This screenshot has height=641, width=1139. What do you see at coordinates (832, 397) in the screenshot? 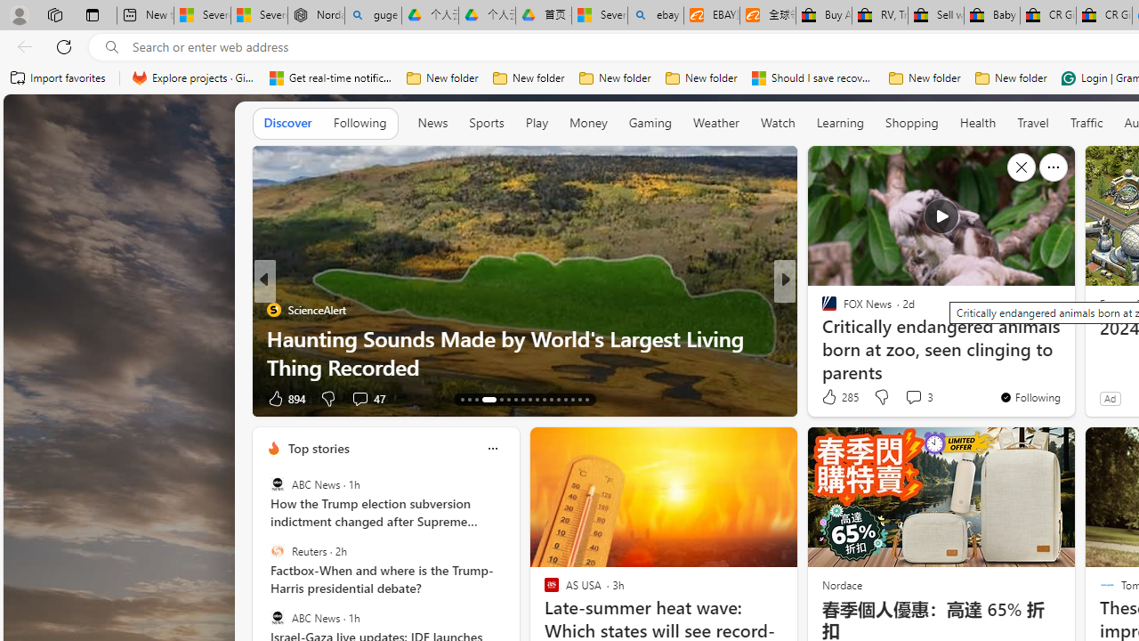
I see `'243 Like'` at bounding box center [832, 397].